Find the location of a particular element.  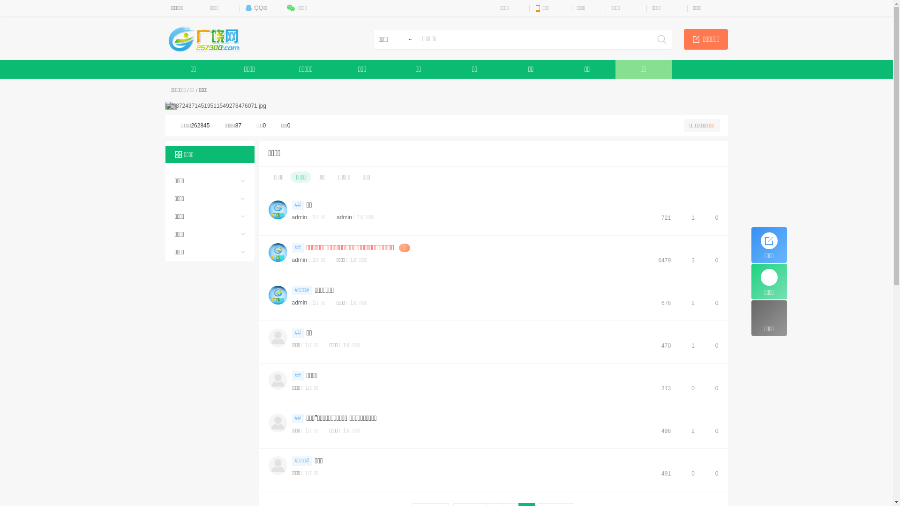

'313' is located at coordinates (661, 388).